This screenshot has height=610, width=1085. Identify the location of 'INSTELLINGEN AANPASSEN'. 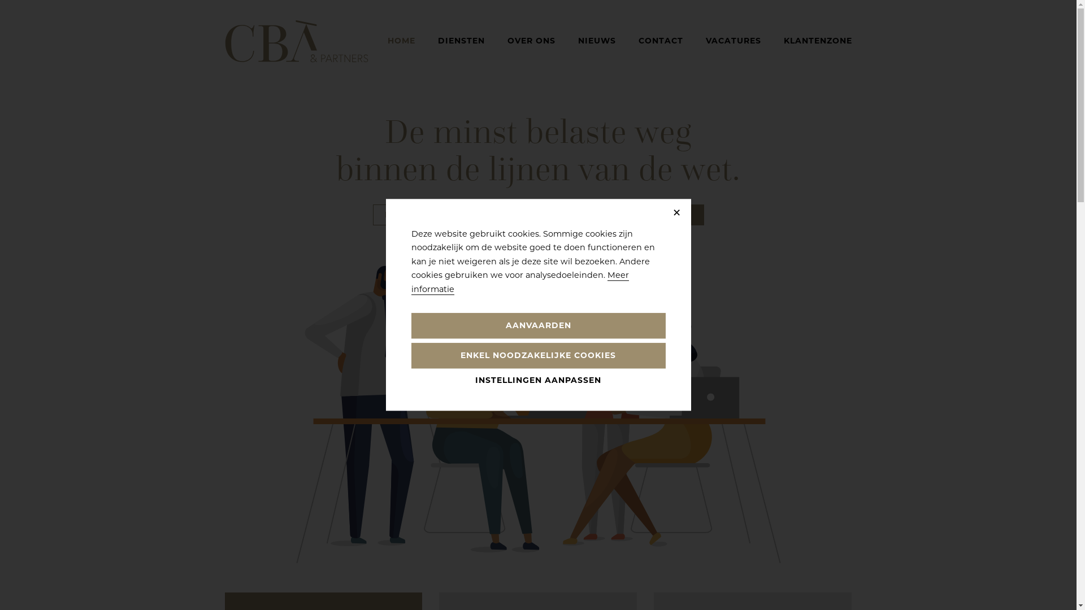
(538, 381).